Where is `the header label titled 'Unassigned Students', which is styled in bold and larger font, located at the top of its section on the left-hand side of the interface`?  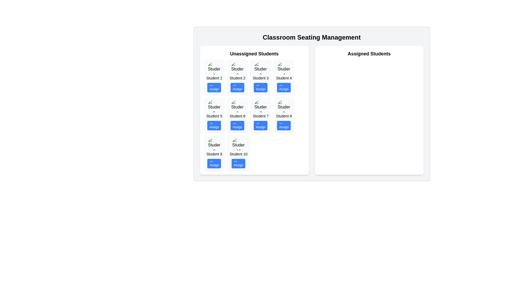
the header label titled 'Unassigned Students', which is styled in bold and larger font, located at the top of its section on the left-hand side of the interface is located at coordinates (254, 54).